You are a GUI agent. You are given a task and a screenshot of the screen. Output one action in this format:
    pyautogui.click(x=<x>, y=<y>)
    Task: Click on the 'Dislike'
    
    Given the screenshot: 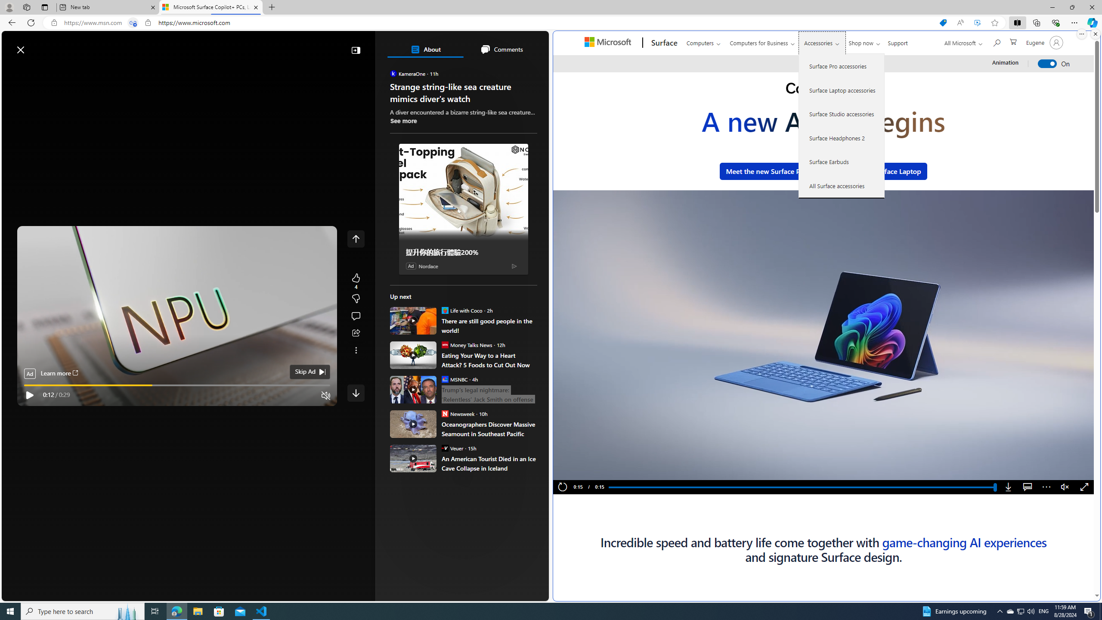 What is the action you would take?
    pyautogui.click(x=356, y=298)
    